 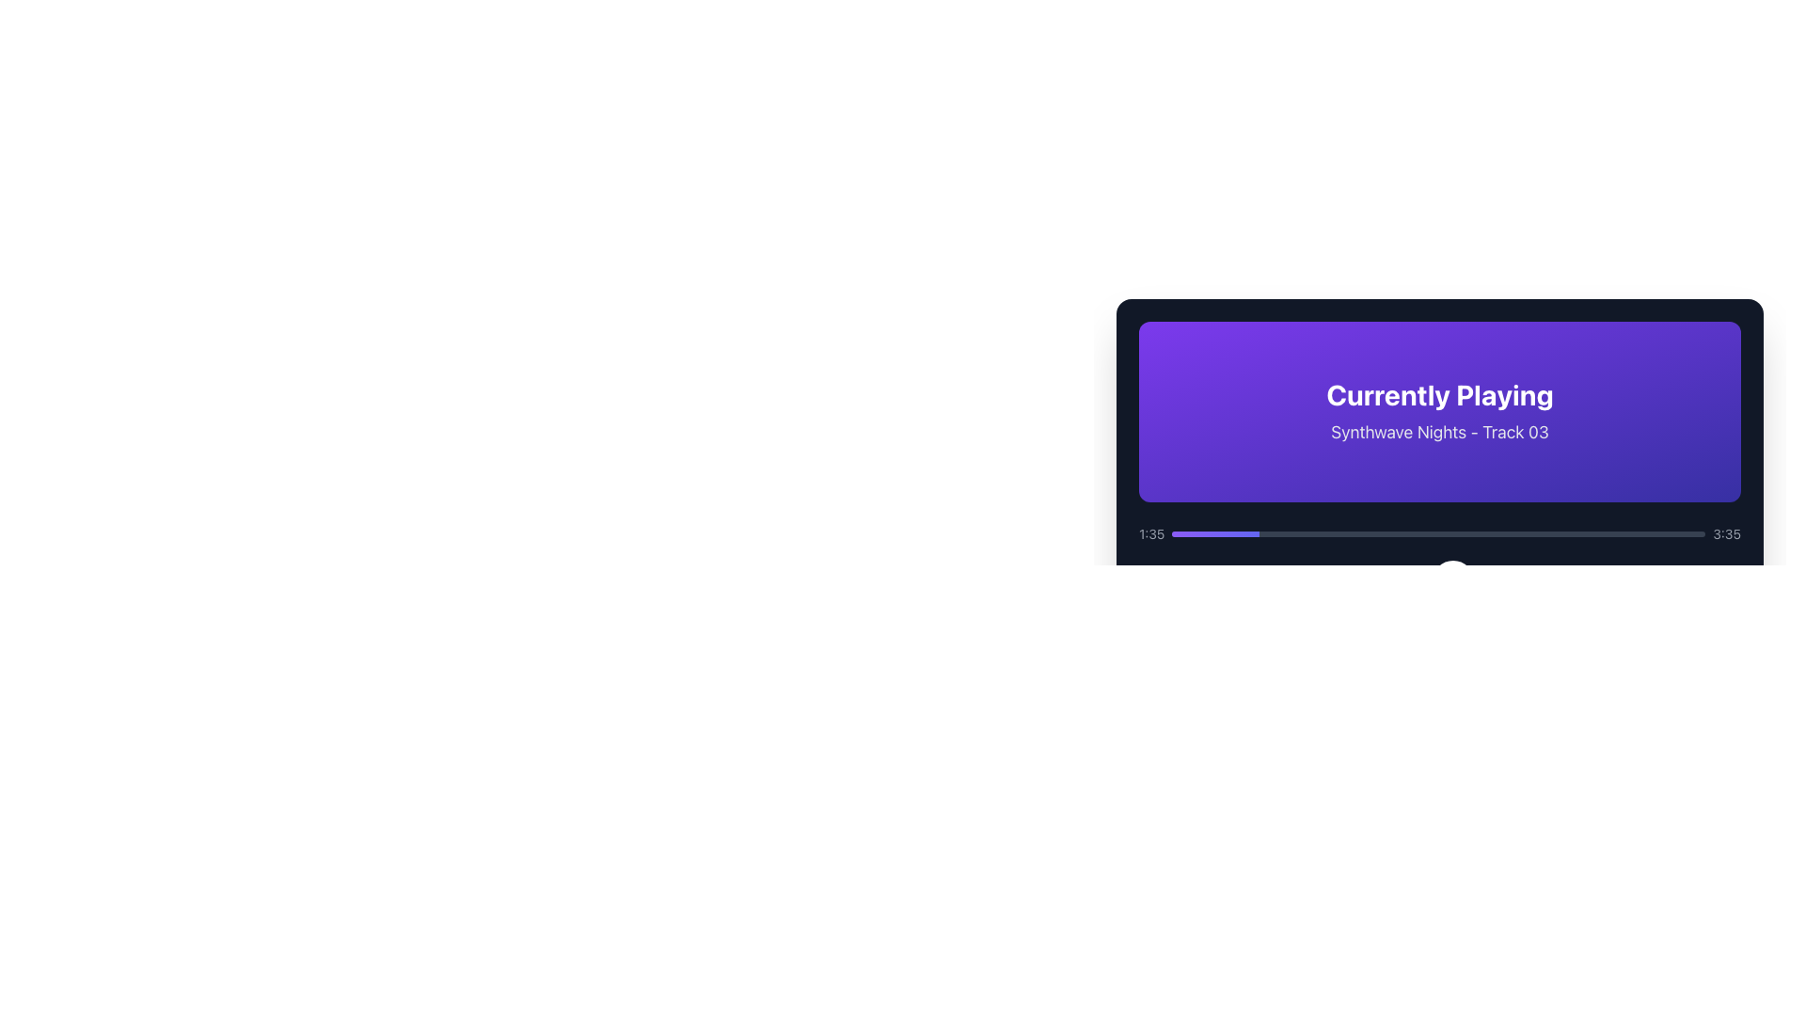 I want to click on the playback progress, so click(x=1207, y=533).